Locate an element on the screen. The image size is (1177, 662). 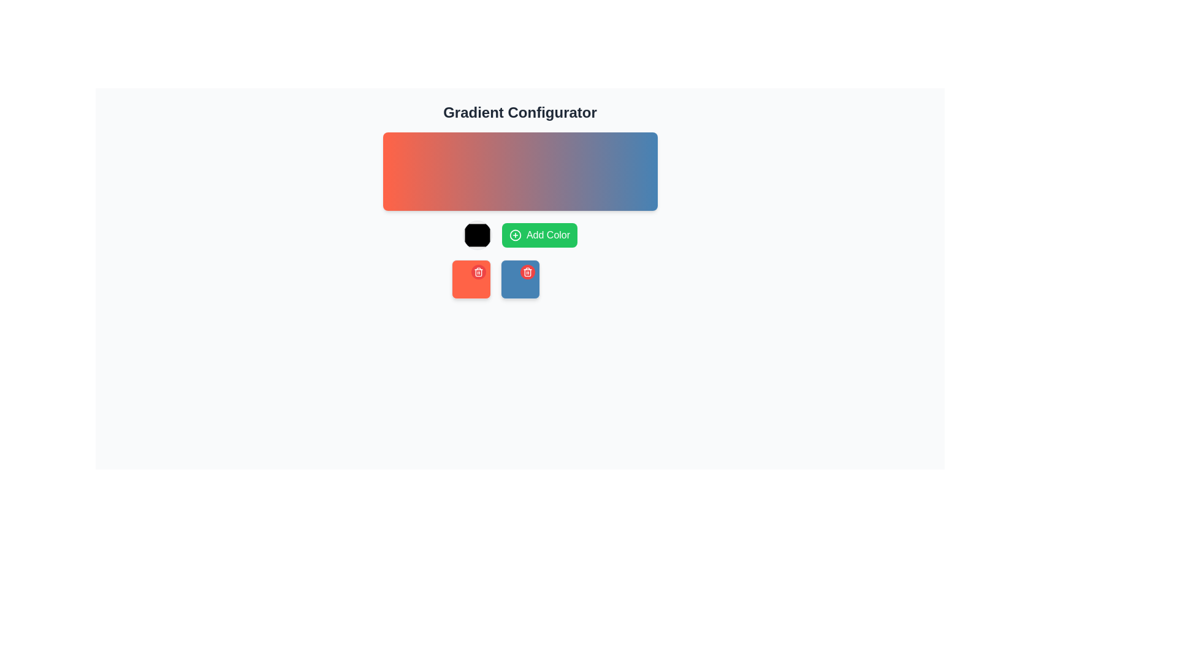
the icon representing the functionality of adding a new color, located towards the left end of the 'Add Color' button, adjacent to the green background is located at coordinates (515, 235).